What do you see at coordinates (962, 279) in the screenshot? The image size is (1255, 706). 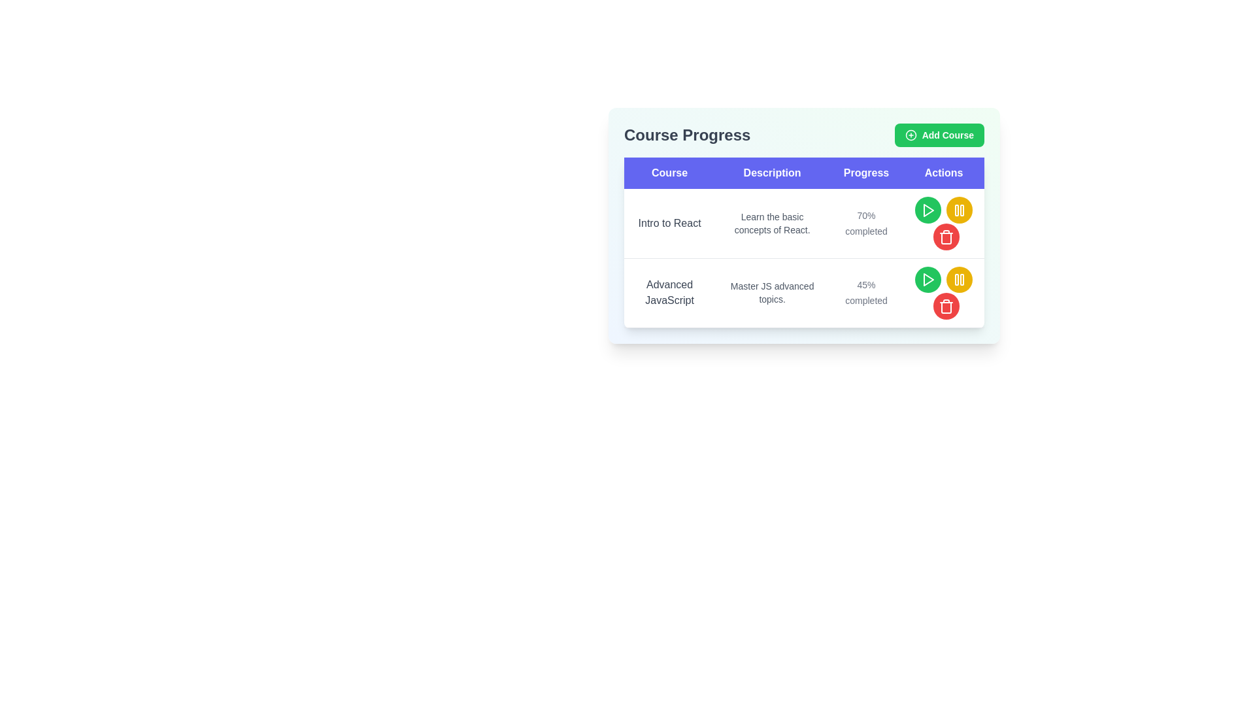 I see `the second vertical bar of the Pause button icon located in the Actions column` at bounding box center [962, 279].